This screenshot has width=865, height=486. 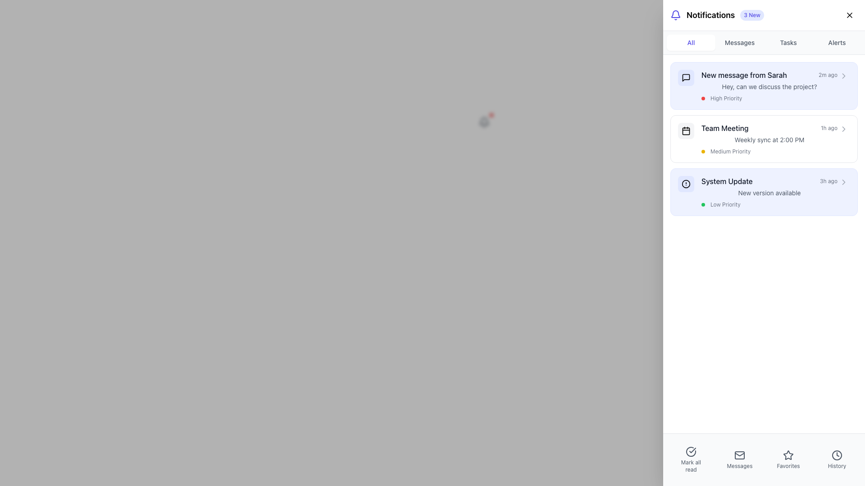 I want to click on the gray rectangle with rounded corners containing the calendar icon, so click(x=685, y=130).